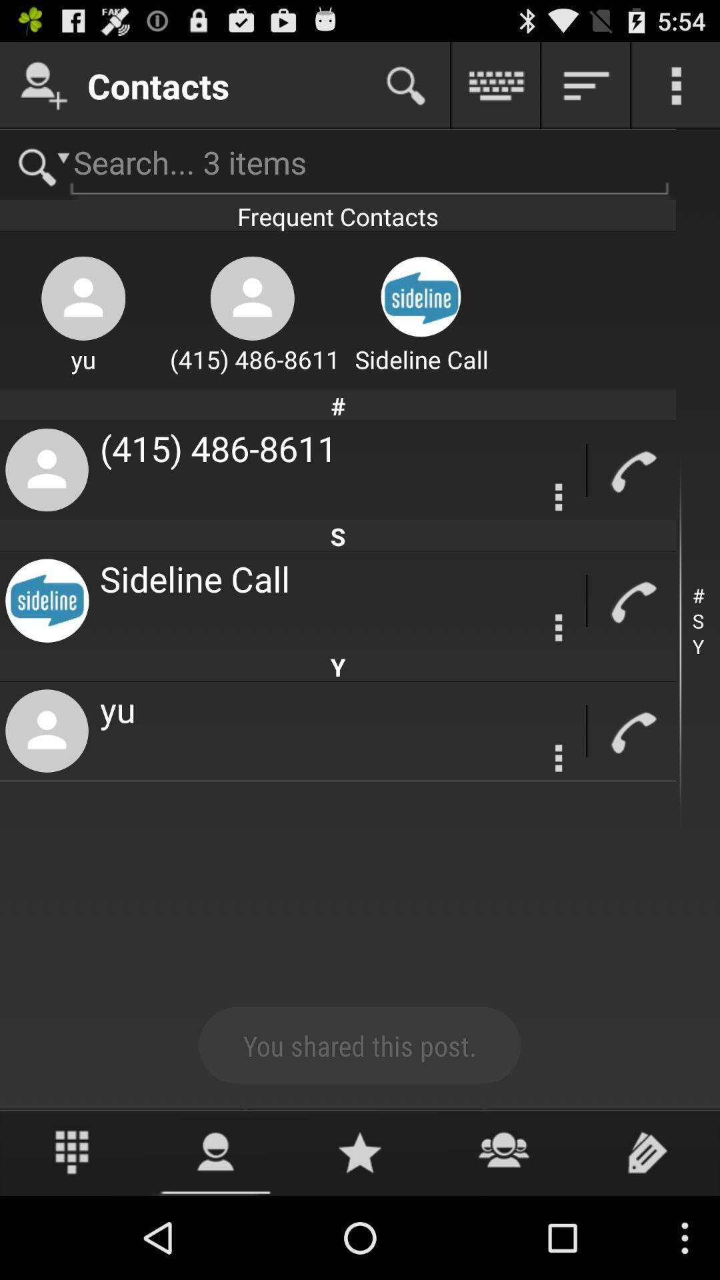  I want to click on show more, so click(676, 85).